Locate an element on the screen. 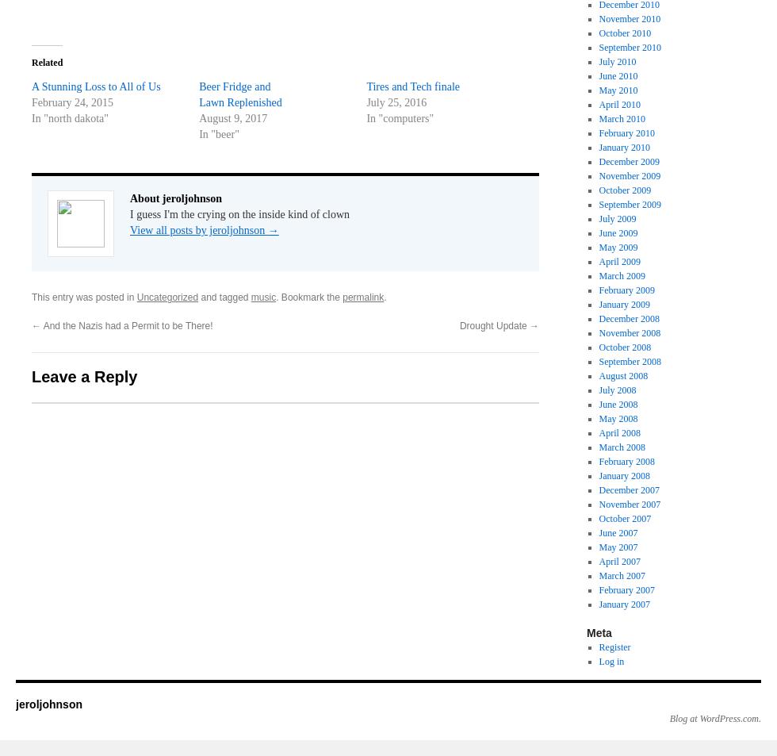 The width and height of the screenshot is (777, 756). 'December 2009' is located at coordinates (629, 161).